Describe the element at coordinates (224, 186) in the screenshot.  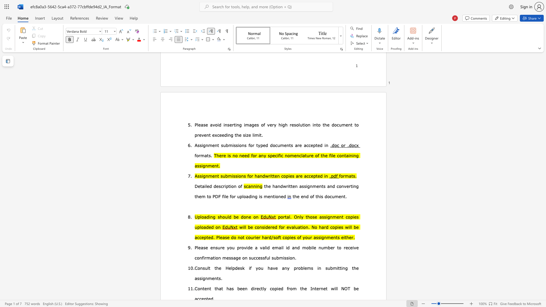
I see `the subset text "iption of" within the text "Detailed description of"` at that location.